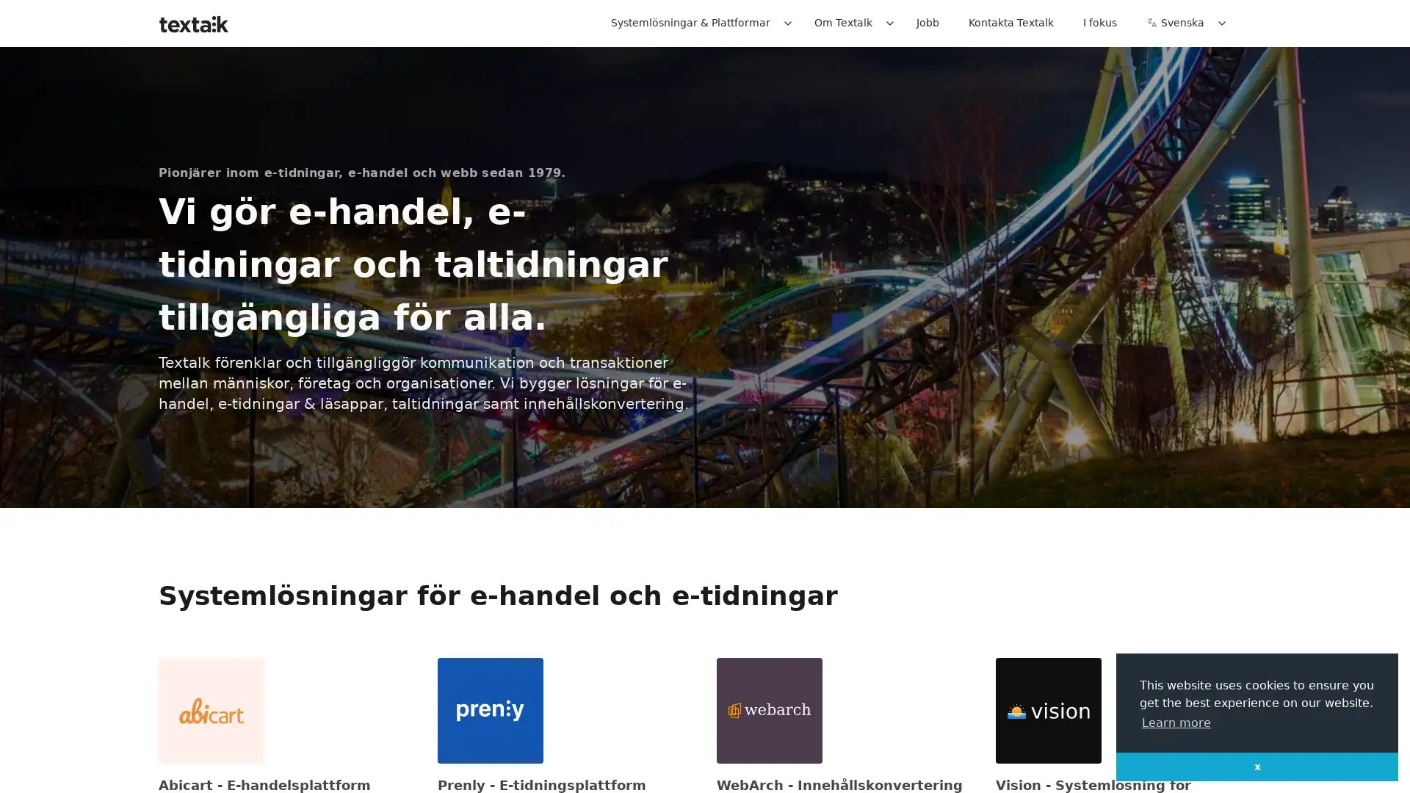 The width and height of the screenshot is (1410, 793). I want to click on dismiss cookie message, so click(1257, 766).